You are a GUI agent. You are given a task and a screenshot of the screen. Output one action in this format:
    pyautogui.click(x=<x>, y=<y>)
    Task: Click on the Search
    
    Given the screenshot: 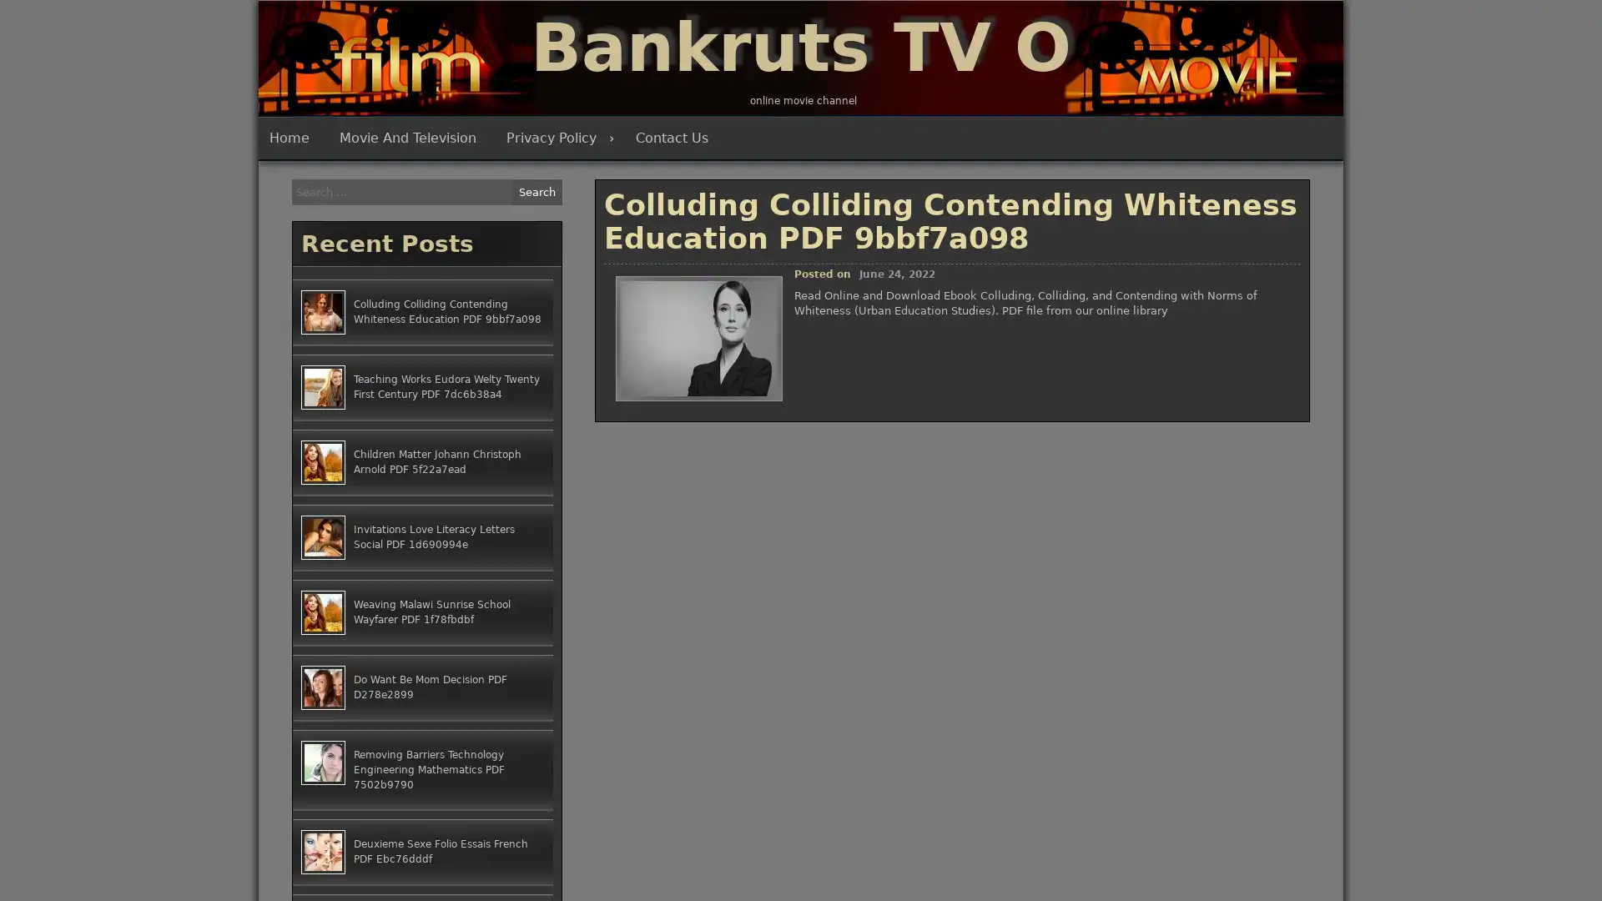 What is the action you would take?
    pyautogui.click(x=537, y=191)
    